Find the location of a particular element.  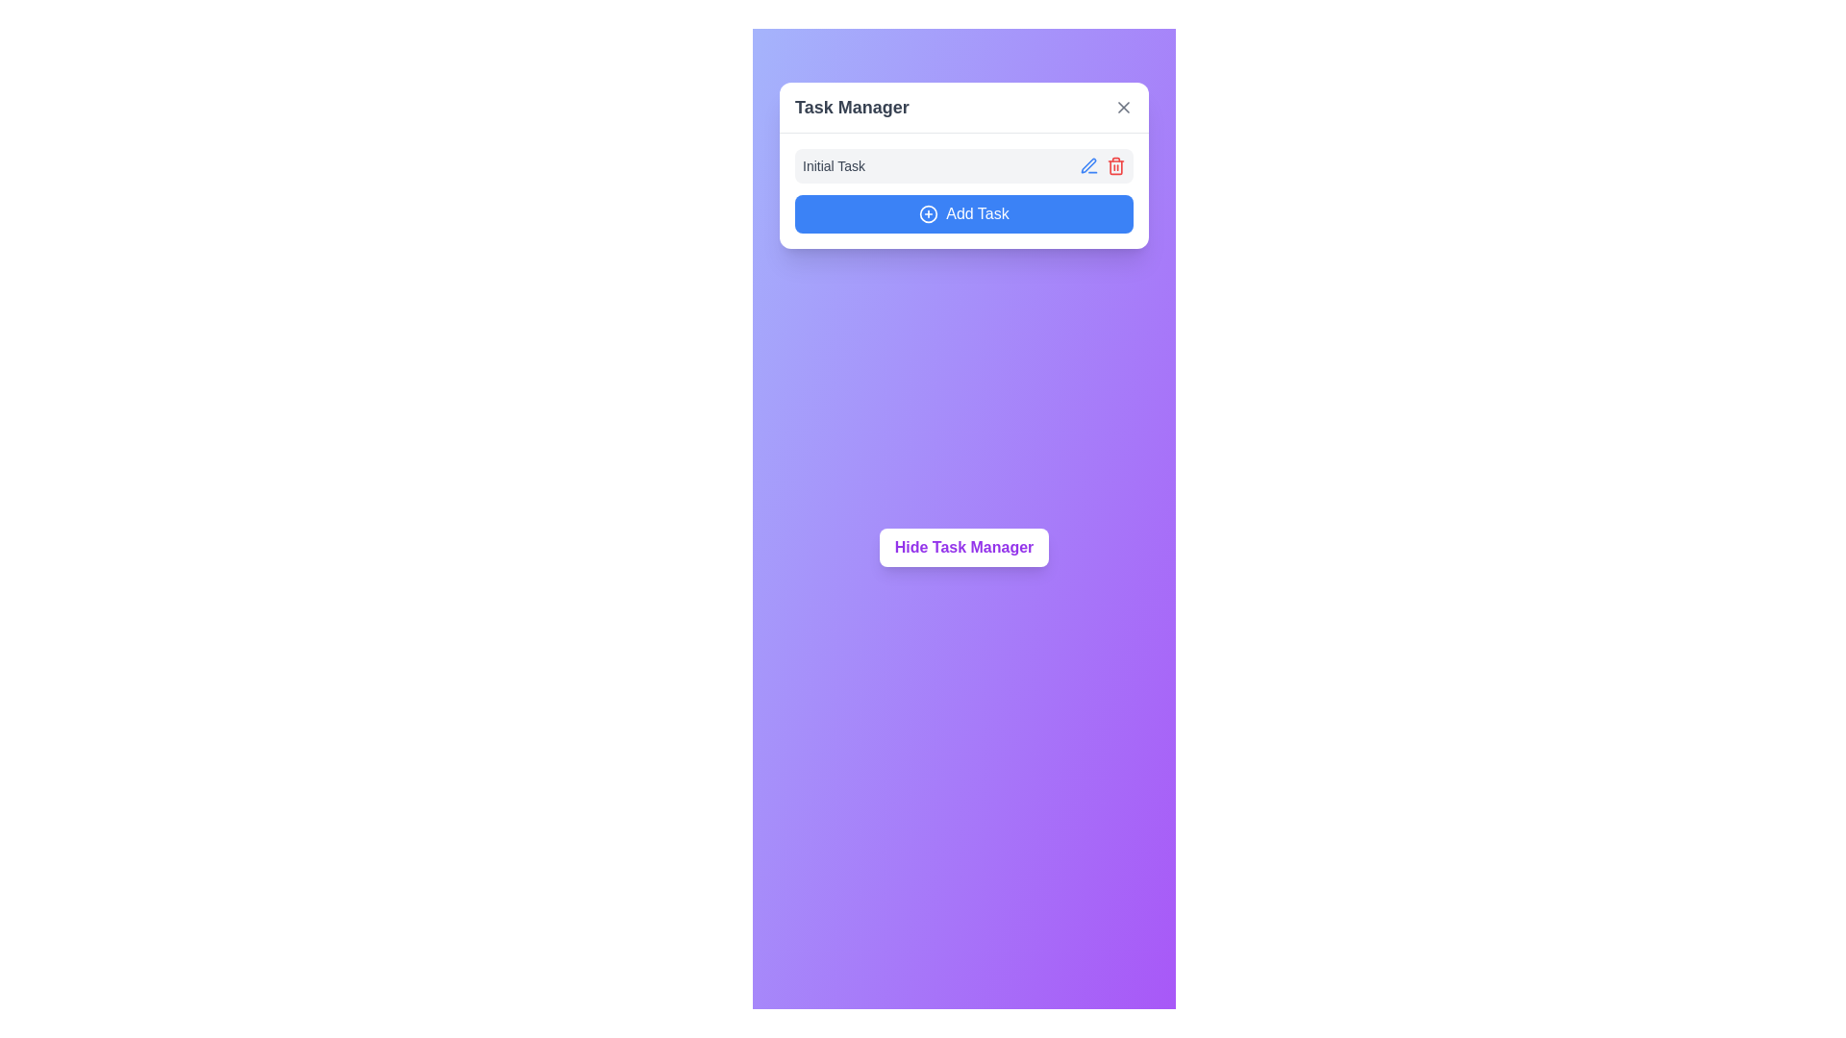

the trash can icon button located in the top right corner of the 'Task Manager' modal is located at coordinates (1116, 165).